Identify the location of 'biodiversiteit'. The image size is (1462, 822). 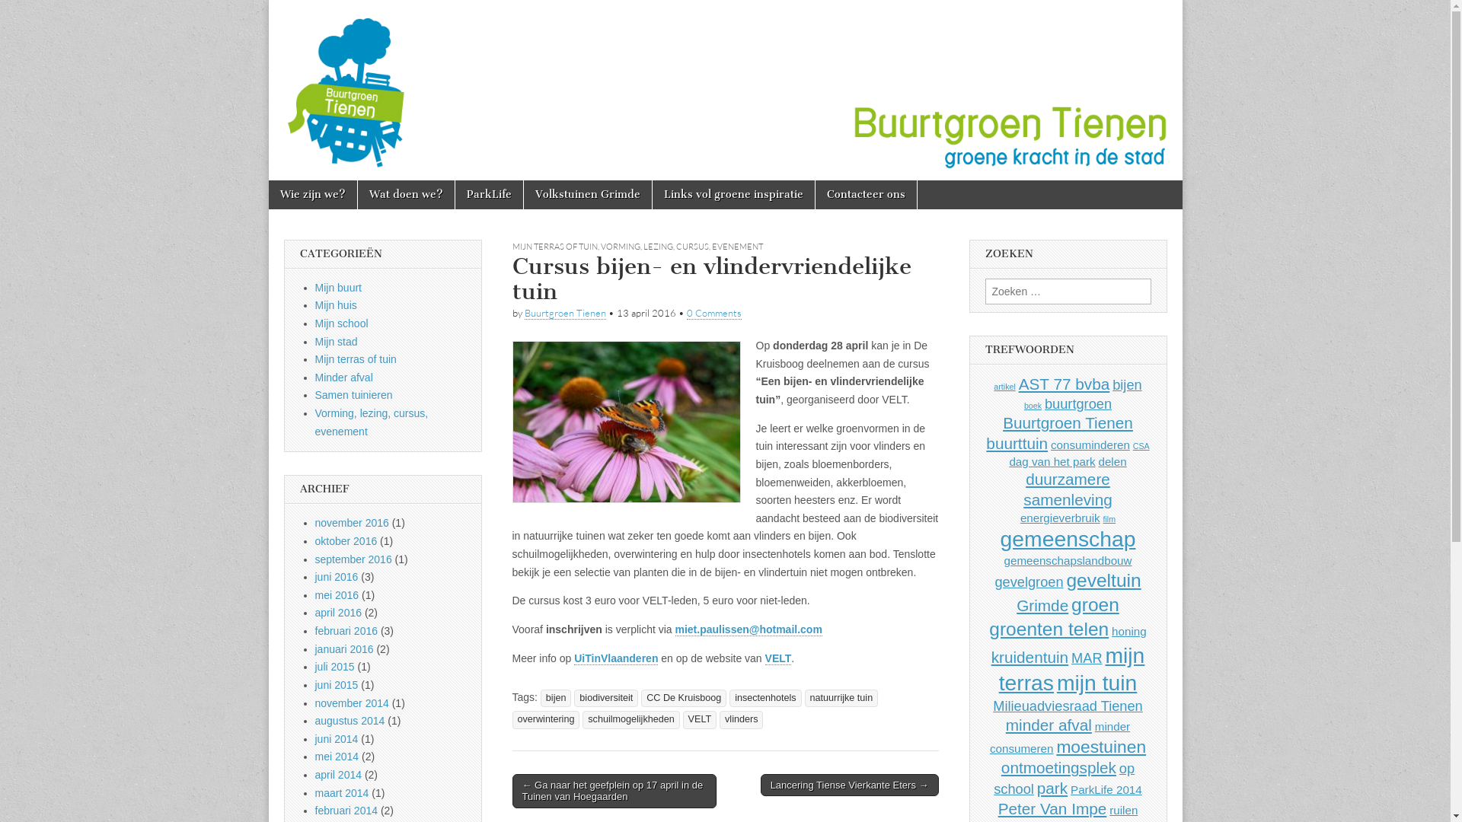
(573, 698).